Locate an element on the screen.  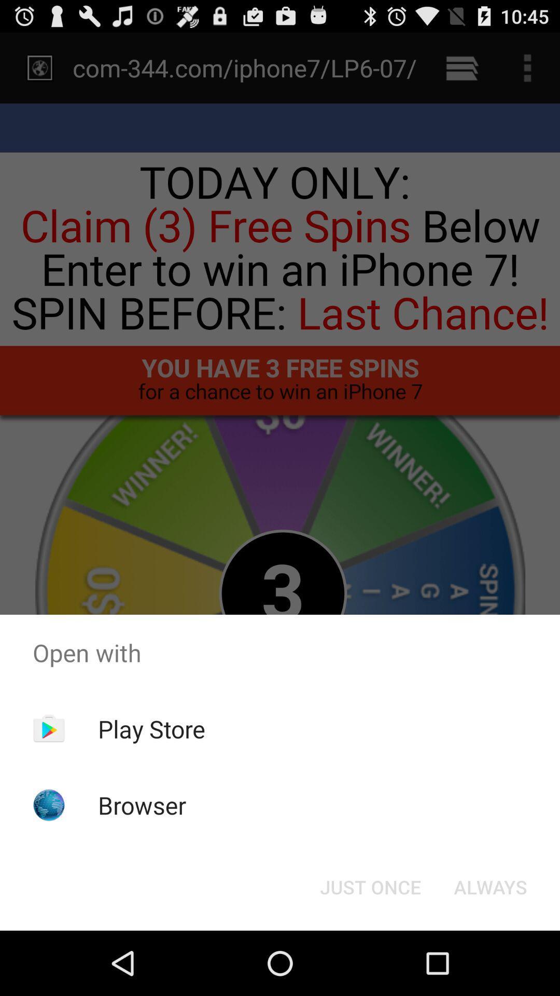
the always item is located at coordinates (490, 886).